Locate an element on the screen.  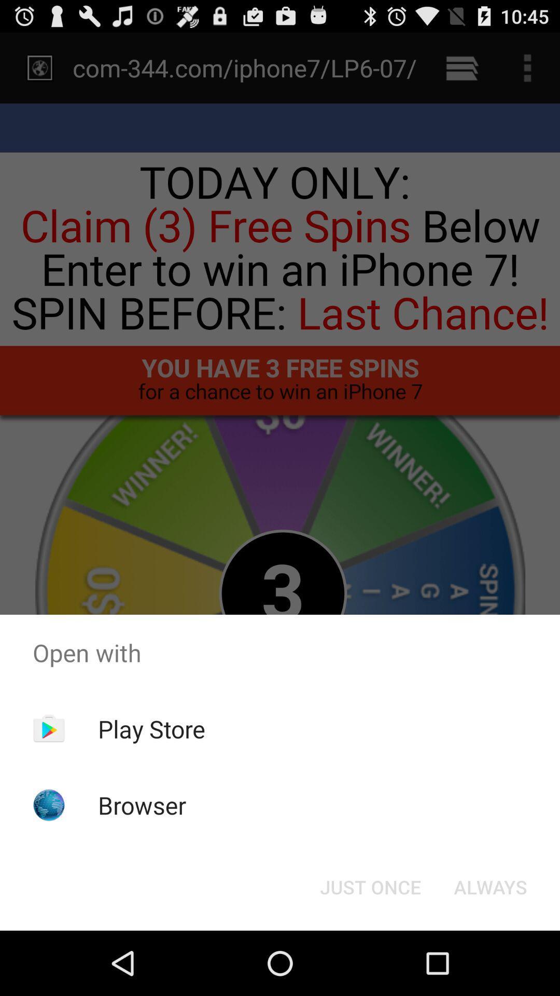
the always item is located at coordinates (490, 886).